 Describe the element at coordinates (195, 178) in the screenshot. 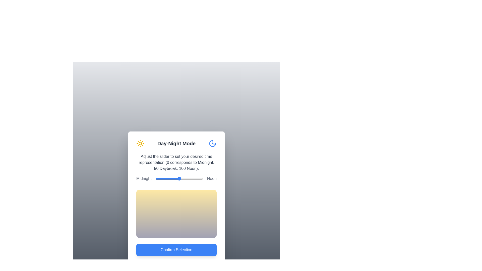

I see `the slider to set the time representation to 84` at that location.